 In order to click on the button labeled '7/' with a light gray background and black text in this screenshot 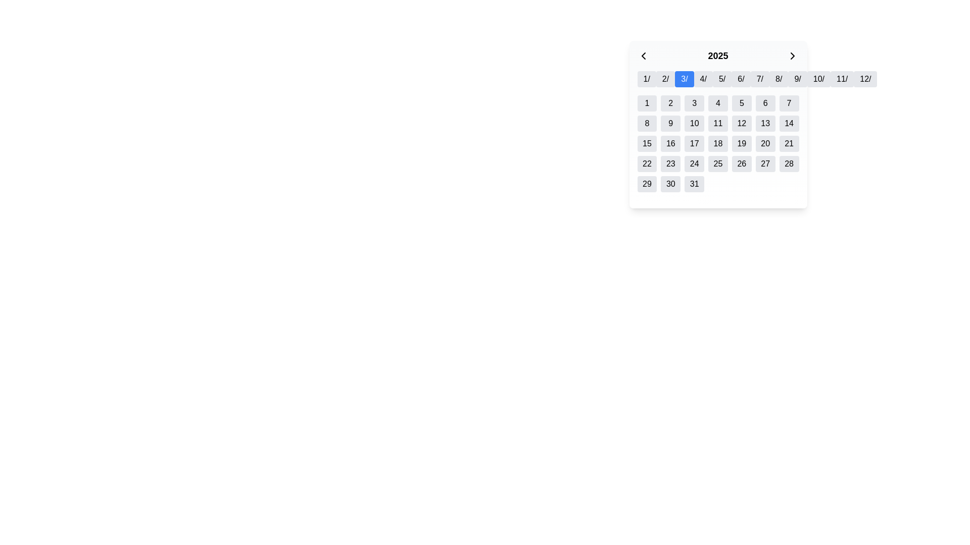, I will do `click(760, 79)`.